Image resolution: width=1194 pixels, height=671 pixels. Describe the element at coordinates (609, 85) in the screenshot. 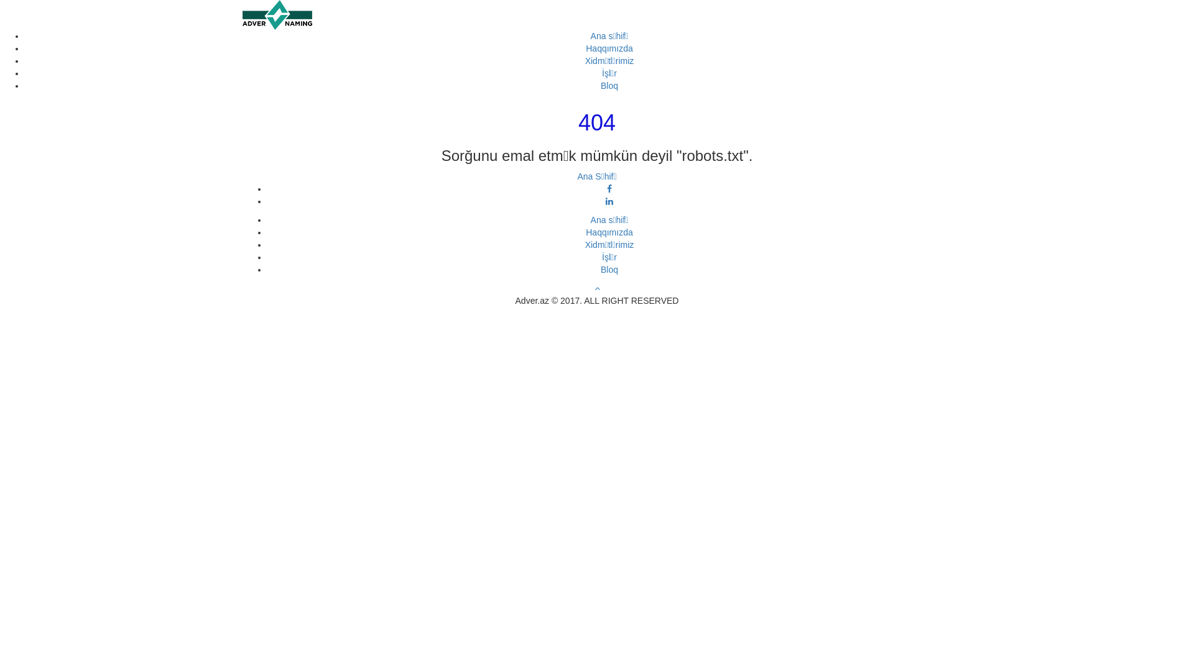

I see `'Bloq'` at that location.